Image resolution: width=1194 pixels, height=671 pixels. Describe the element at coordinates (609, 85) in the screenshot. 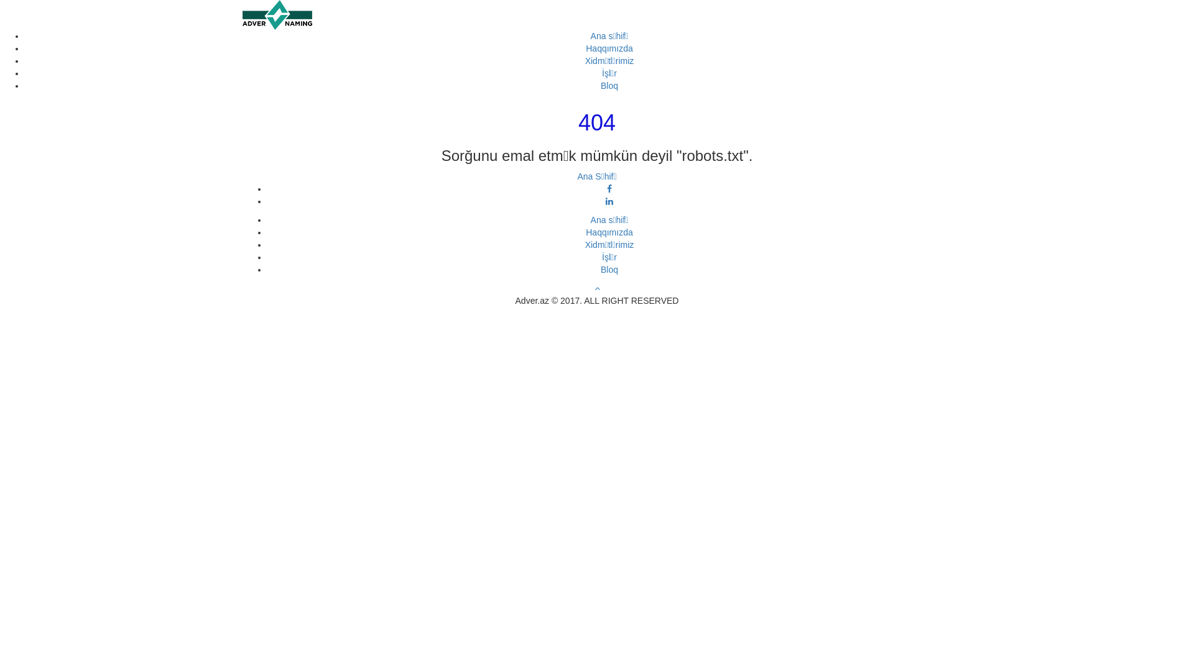

I see `'Bloq'` at that location.